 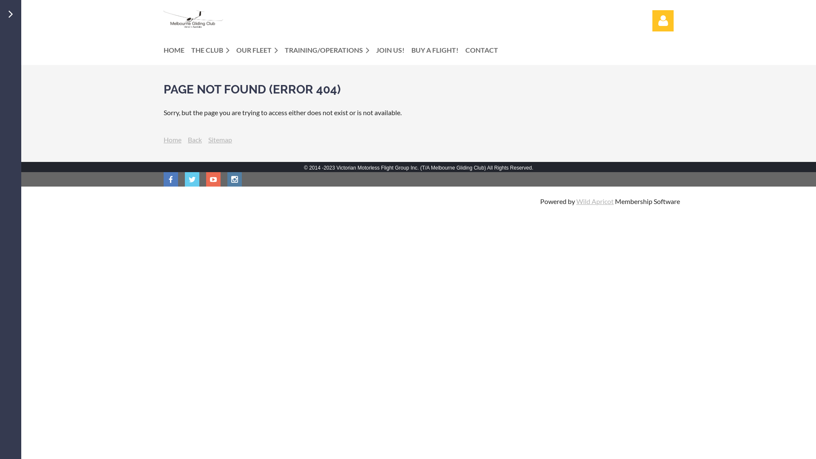 What do you see at coordinates (206, 178) in the screenshot?
I see `'YouTube'` at bounding box center [206, 178].